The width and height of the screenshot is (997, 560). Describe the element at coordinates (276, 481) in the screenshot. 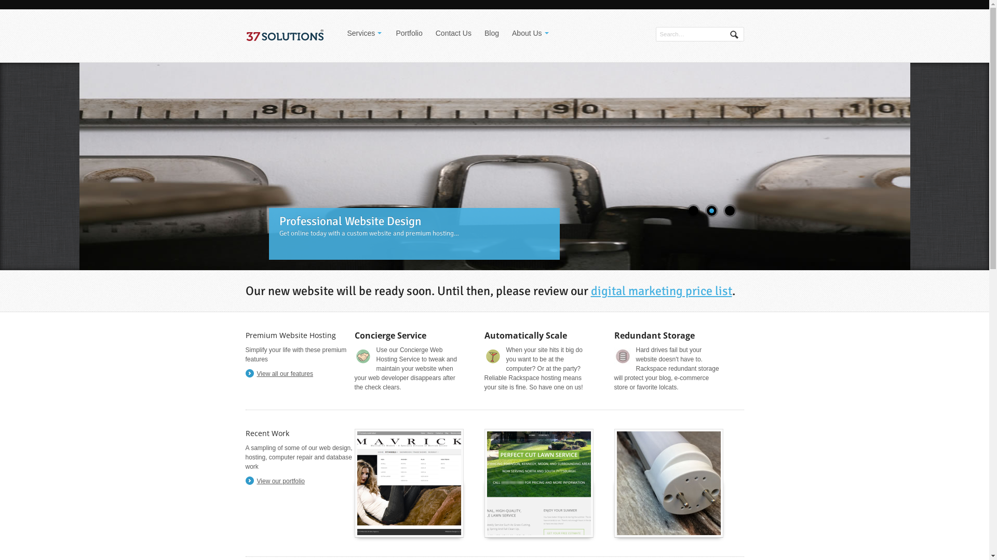

I see `'View our portfolio'` at that location.